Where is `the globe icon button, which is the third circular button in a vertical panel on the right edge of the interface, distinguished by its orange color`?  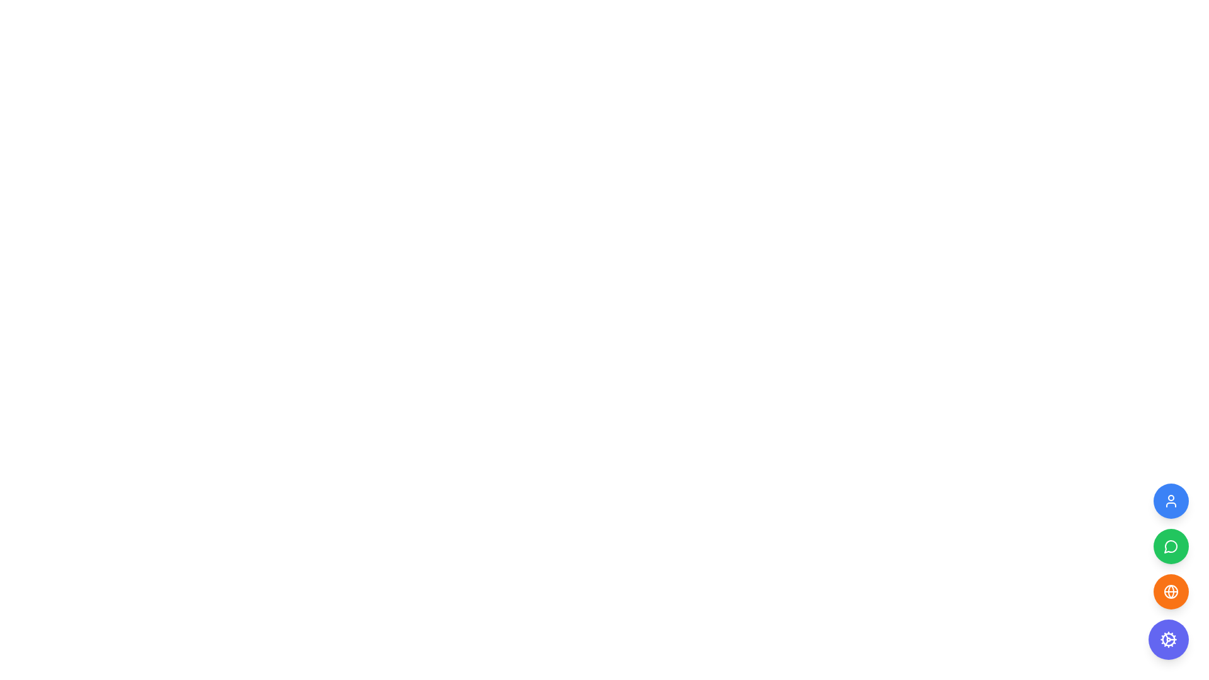 the globe icon button, which is the third circular button in a vertical panel on the right edge of the interface, distinguished by its orange color is located at coordinates (1171, 592).